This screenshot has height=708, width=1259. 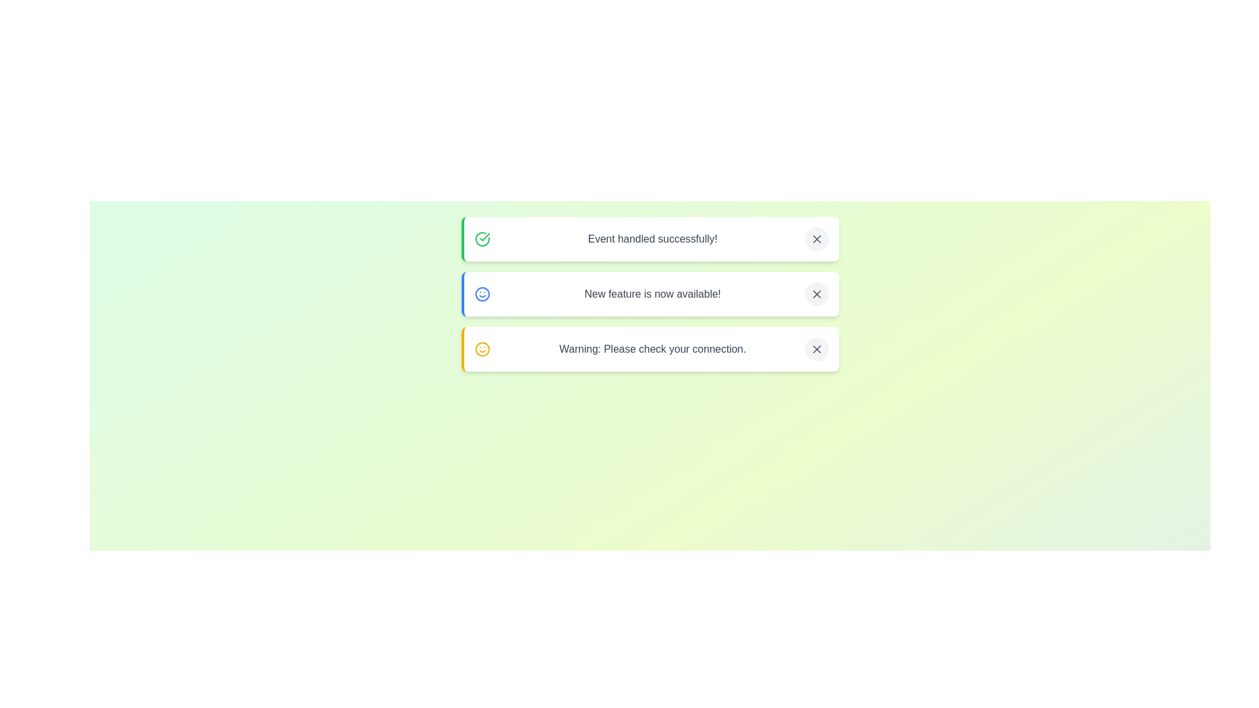 I want to click on the status icon that indicates successful event handling, so click(x=481, y=239).